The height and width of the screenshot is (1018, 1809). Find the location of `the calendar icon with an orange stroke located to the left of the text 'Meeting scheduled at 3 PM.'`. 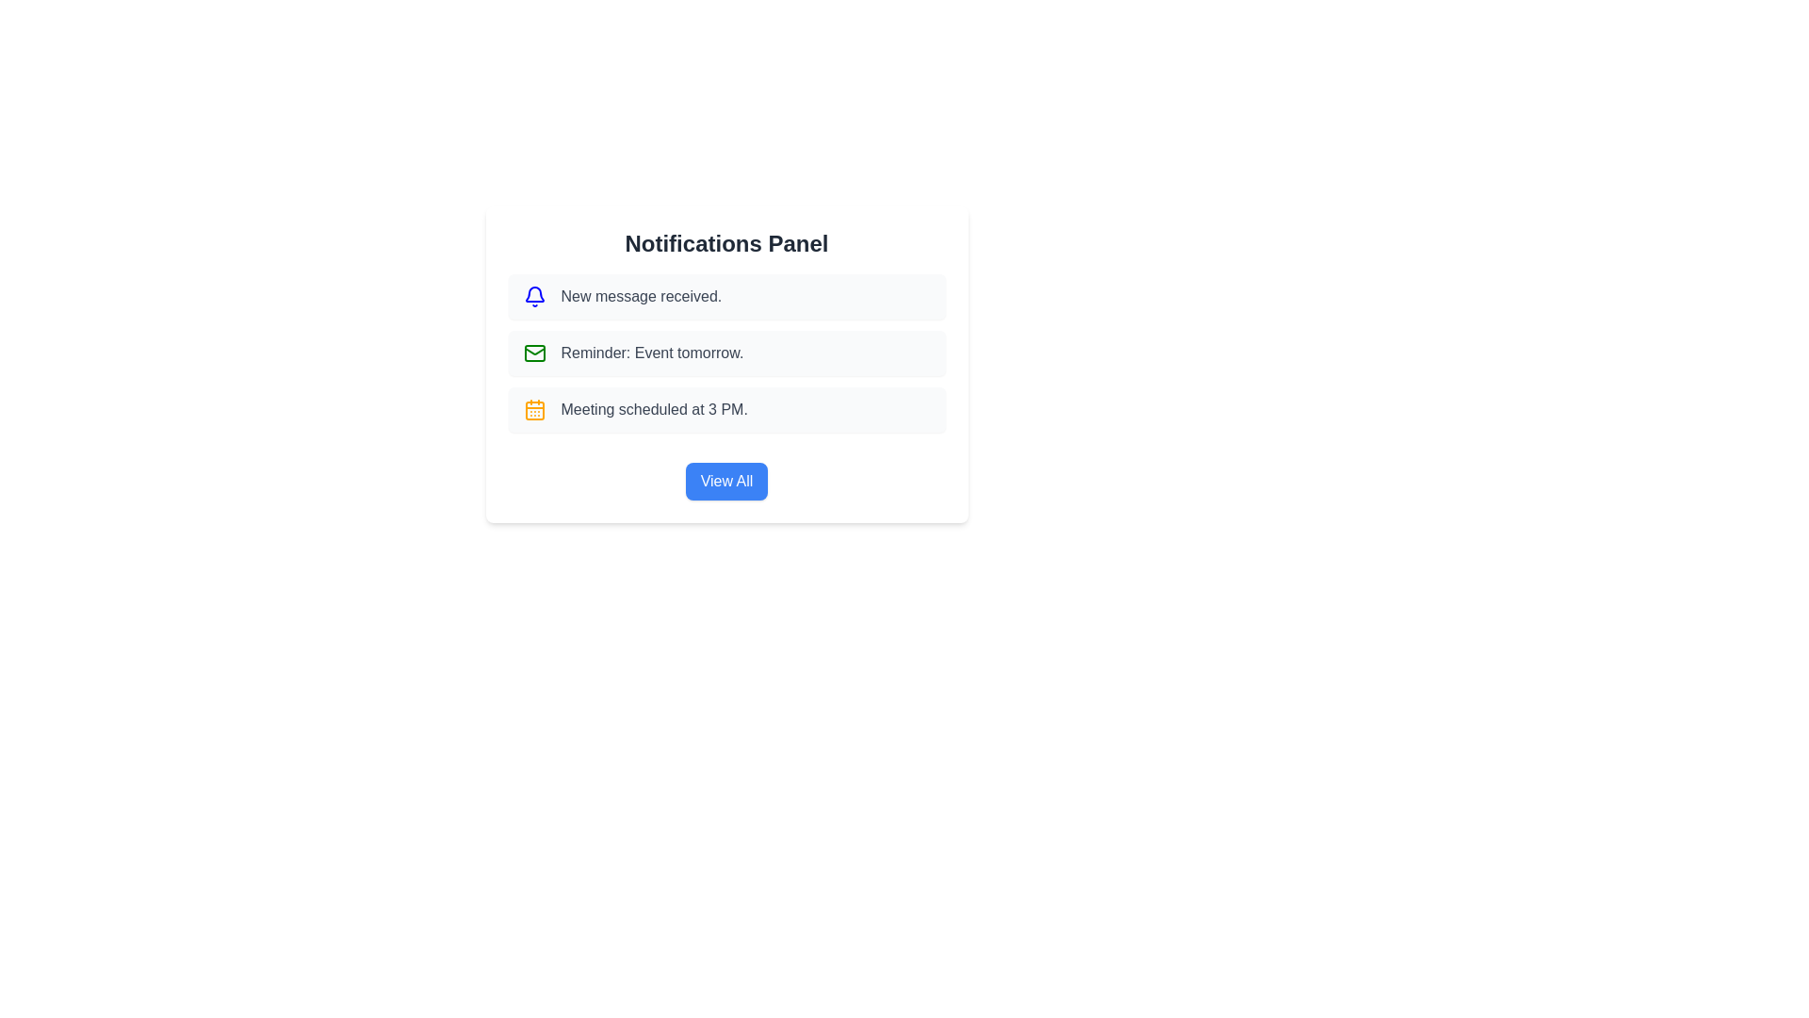

the calendar icon with an orange stroke located to the left of the text 'Meeting scheduled at 3 PM.' is located at coordinates (533, 409).